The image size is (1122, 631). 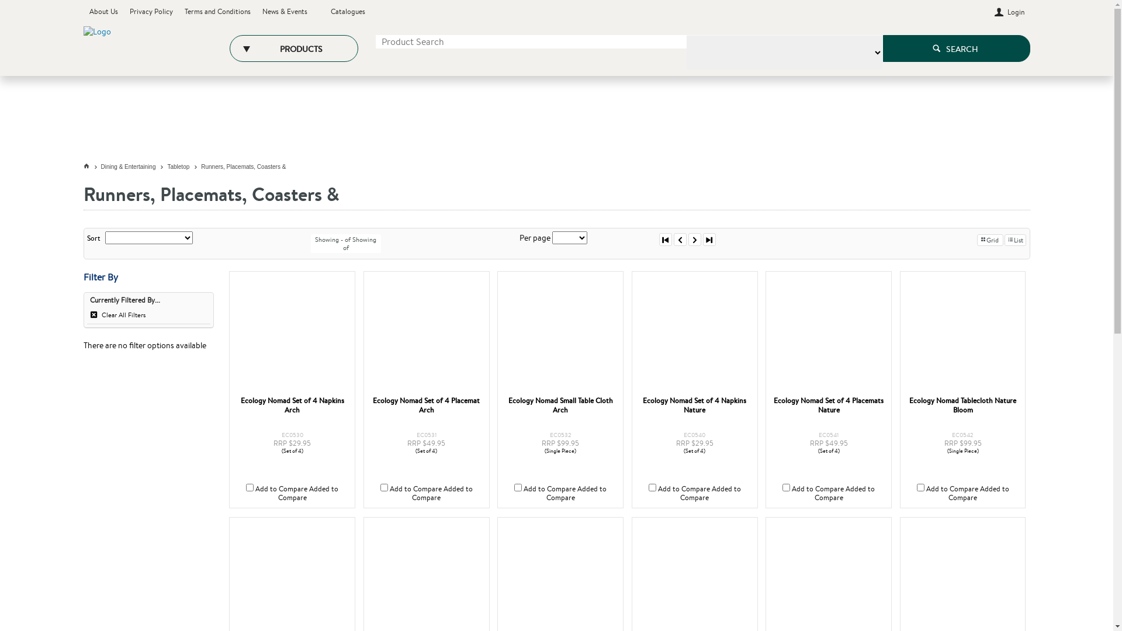 I want to click on 'Ecology Nomad Set of 4 Placemat Arch', so click(x=425, y=334).